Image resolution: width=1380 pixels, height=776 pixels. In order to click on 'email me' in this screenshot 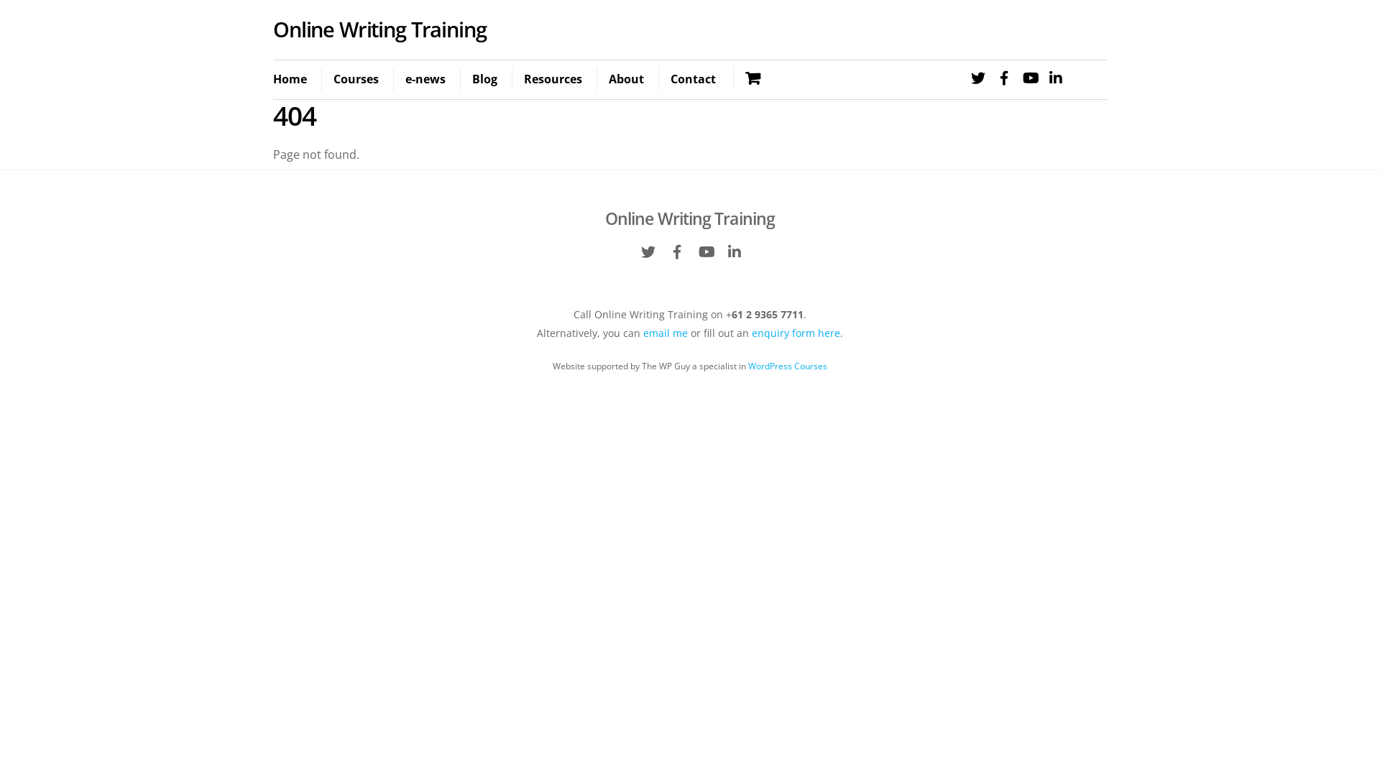, I will do `click(665, 333)`.